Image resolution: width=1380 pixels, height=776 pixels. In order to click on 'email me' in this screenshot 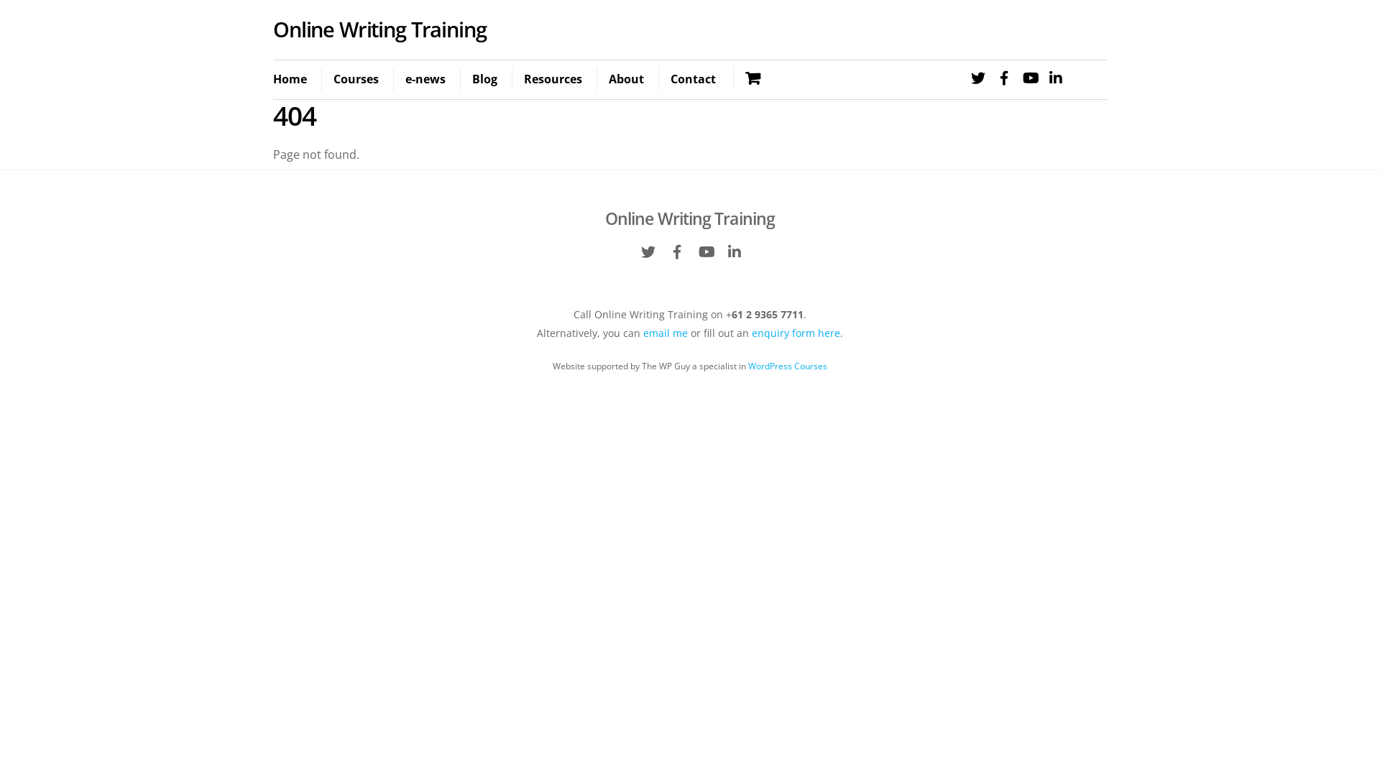, I will do `click(665, 333)`.